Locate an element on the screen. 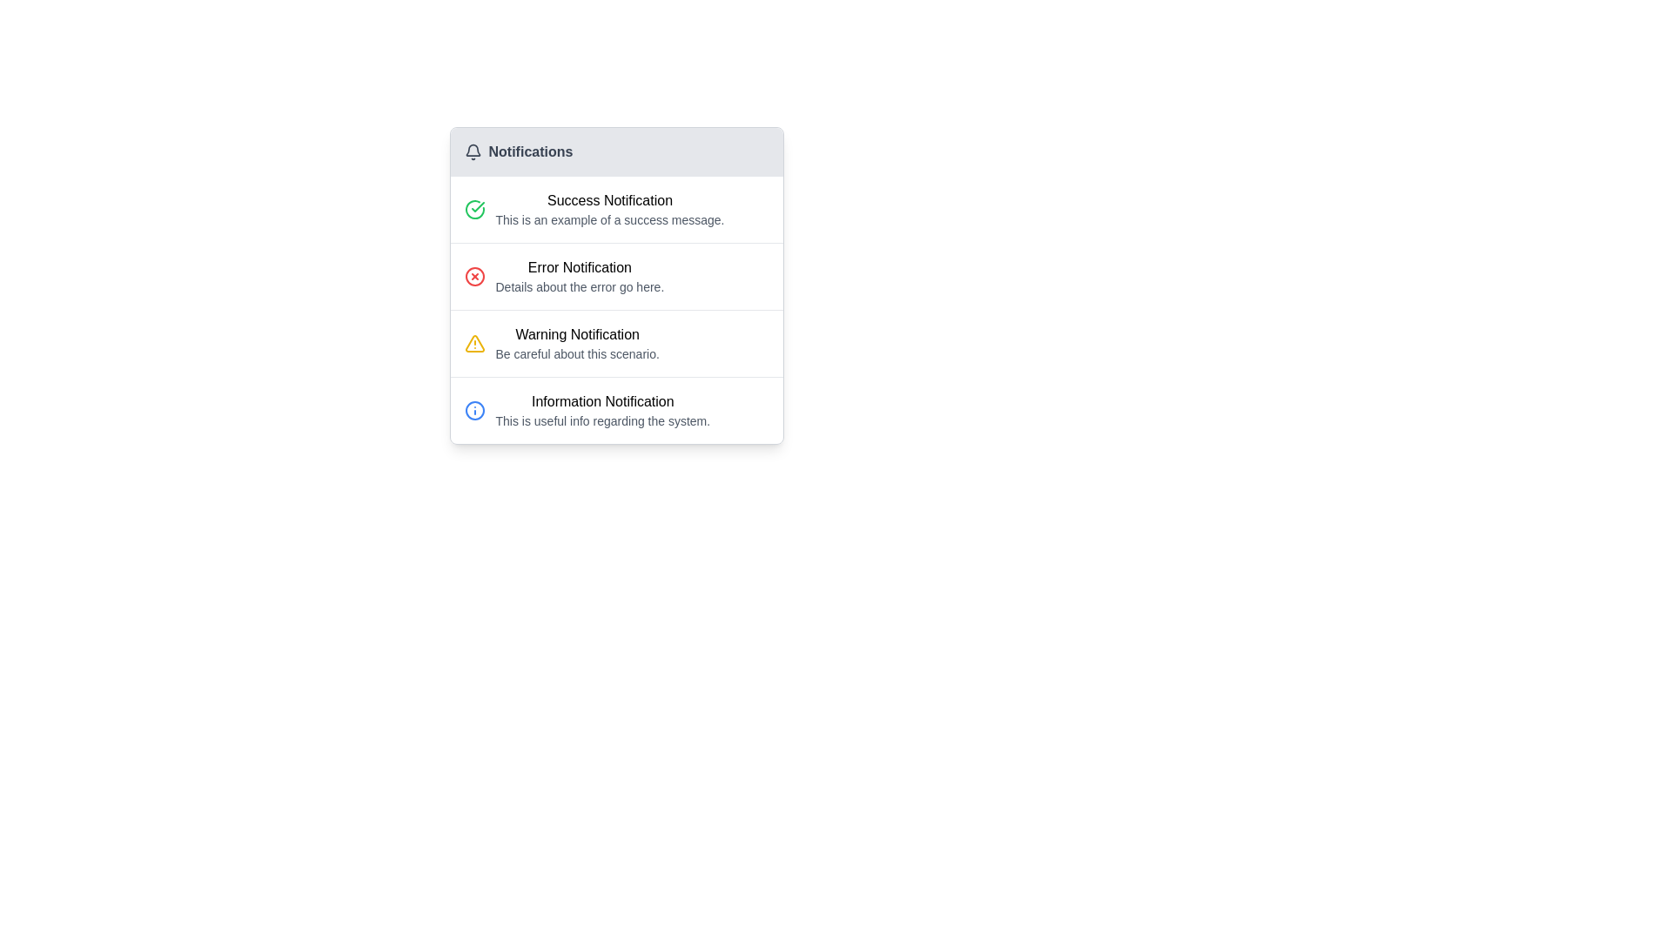  the text element displaying 'Details about the error go here.' which is styled in gray font and located beneath the 'Error Notification' within the notification card is located at coordinates (580, 286).